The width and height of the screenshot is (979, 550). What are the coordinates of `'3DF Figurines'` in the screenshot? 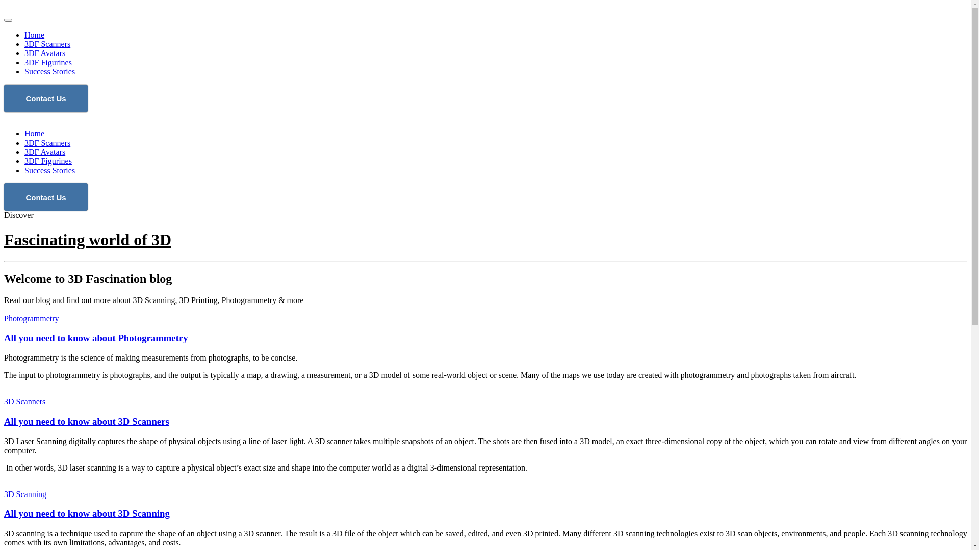 It's located at (47, 62).